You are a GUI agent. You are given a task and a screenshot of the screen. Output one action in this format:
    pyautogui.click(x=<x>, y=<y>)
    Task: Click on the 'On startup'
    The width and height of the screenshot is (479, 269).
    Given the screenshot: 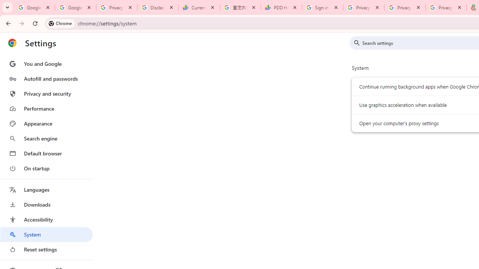 What is the action you would take?
    pyautogui.click(x=46, y=168)
    